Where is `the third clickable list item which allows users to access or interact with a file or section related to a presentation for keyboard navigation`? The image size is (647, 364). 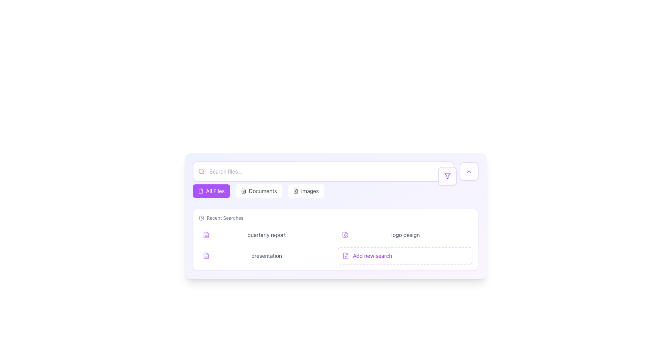
the third clickable list item which allows users to access or interact with a file or section related to a presentation for keyboard navigation is located at coordinates (266, 256).